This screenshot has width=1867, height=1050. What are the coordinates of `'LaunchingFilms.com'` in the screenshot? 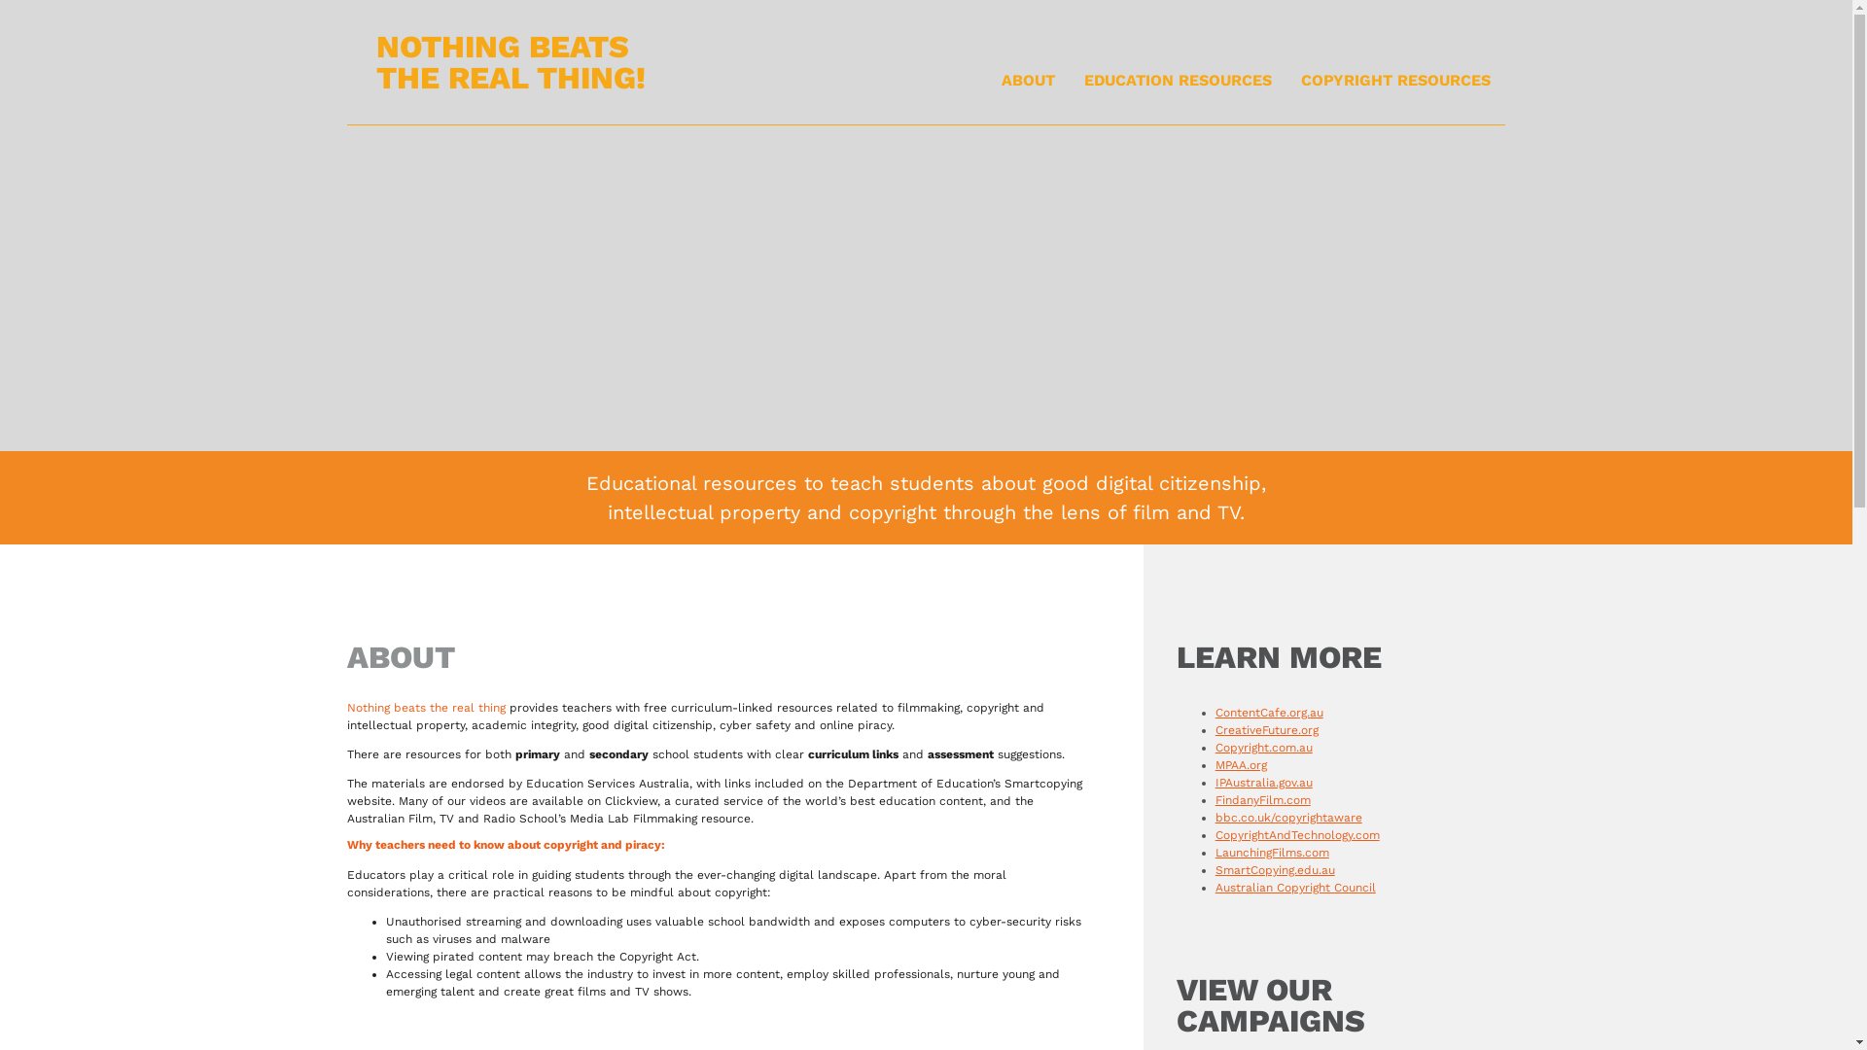 It's located at (1272, 851).